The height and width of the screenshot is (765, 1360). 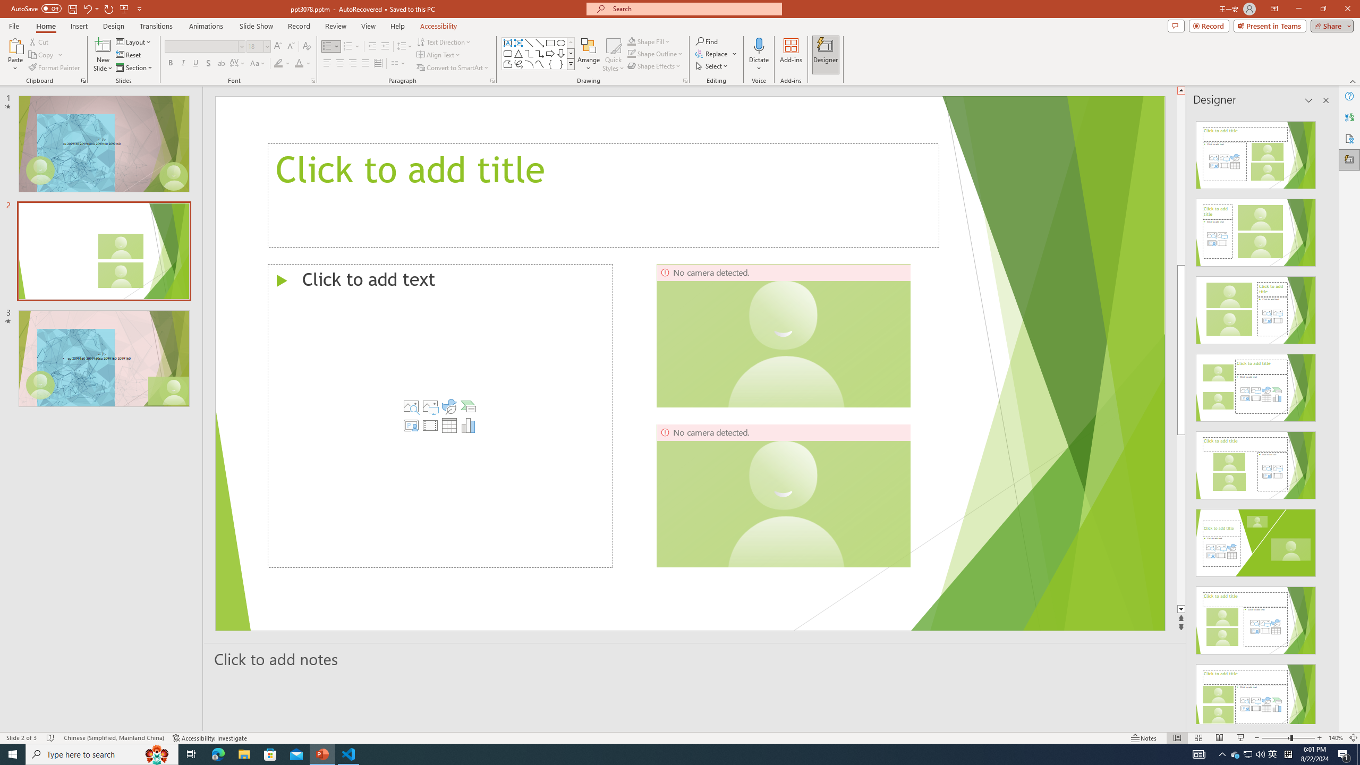 What do you see at coordinates (411, 425) in the screenshot?
I see `'Insert Cameo'` at bounding box center [411, 425].